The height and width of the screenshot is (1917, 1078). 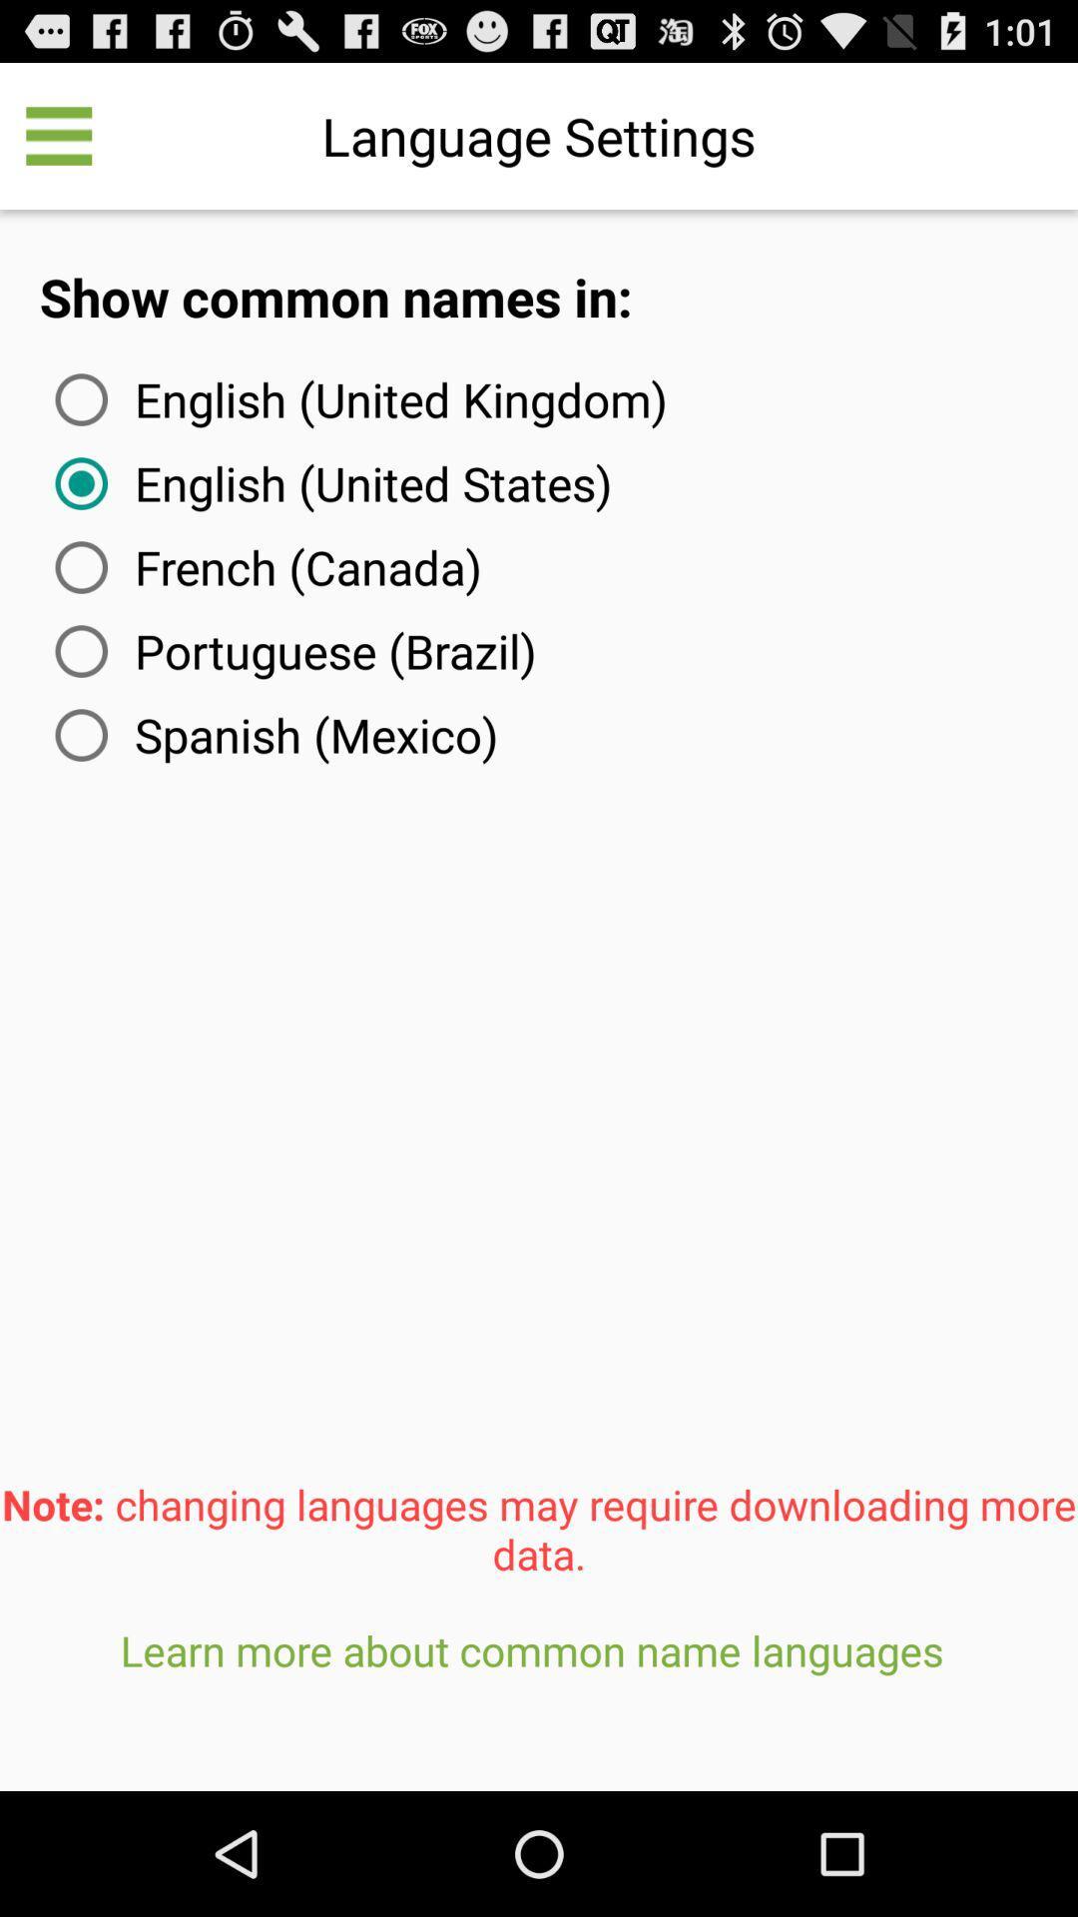 I want to click on icon below note changing languages, so click(x=539, y=1698).